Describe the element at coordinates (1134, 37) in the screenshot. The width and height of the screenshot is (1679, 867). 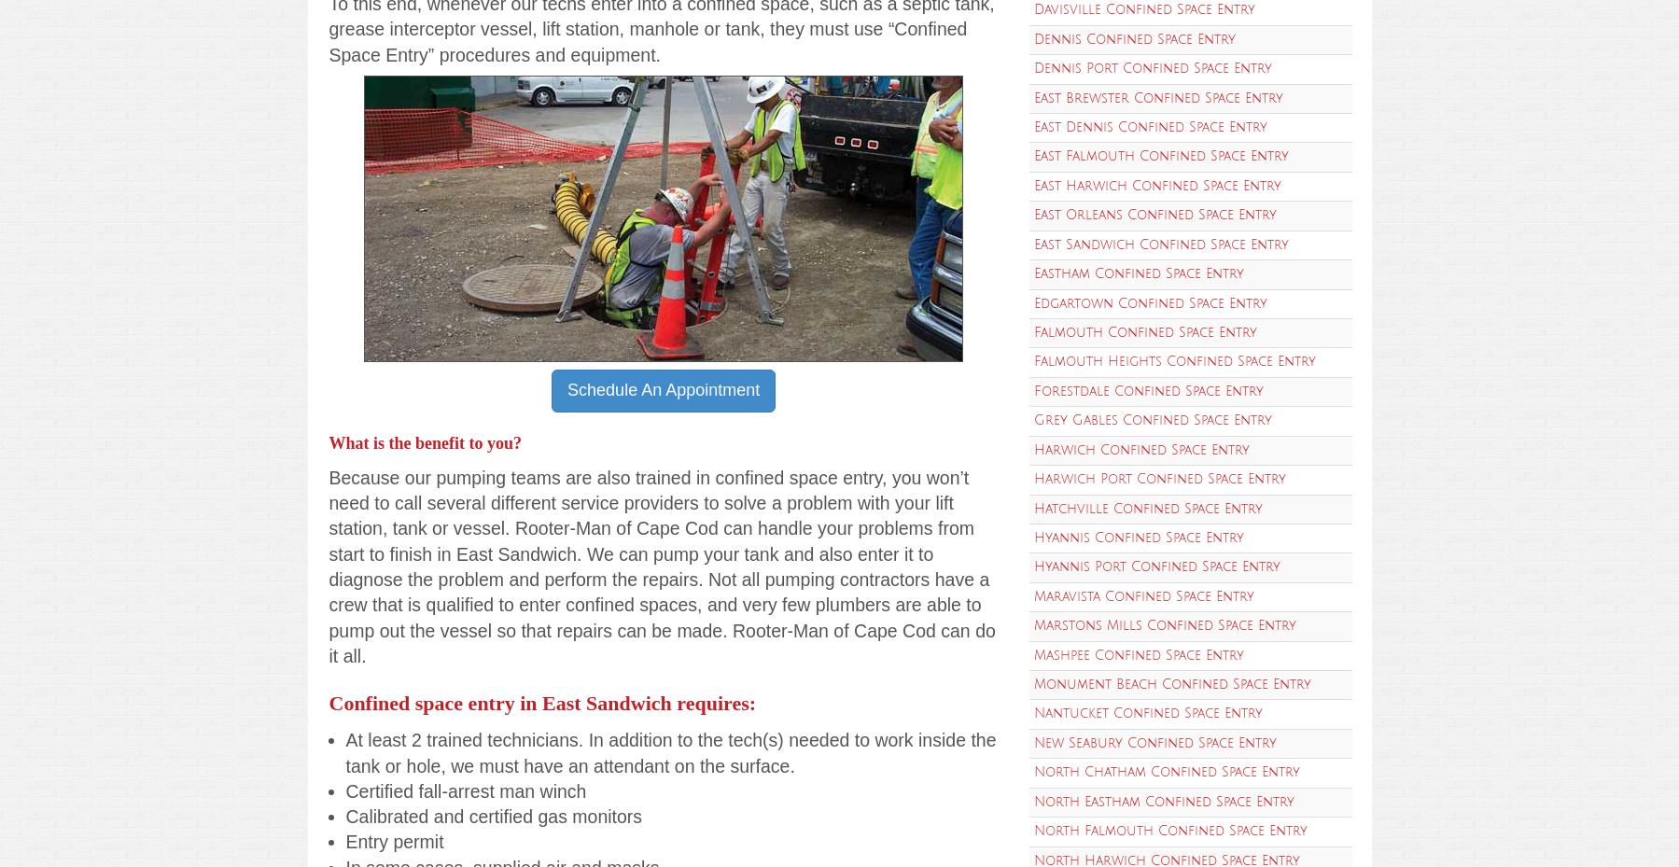
I see `'Dennis Confined Space Entry'` at that location.